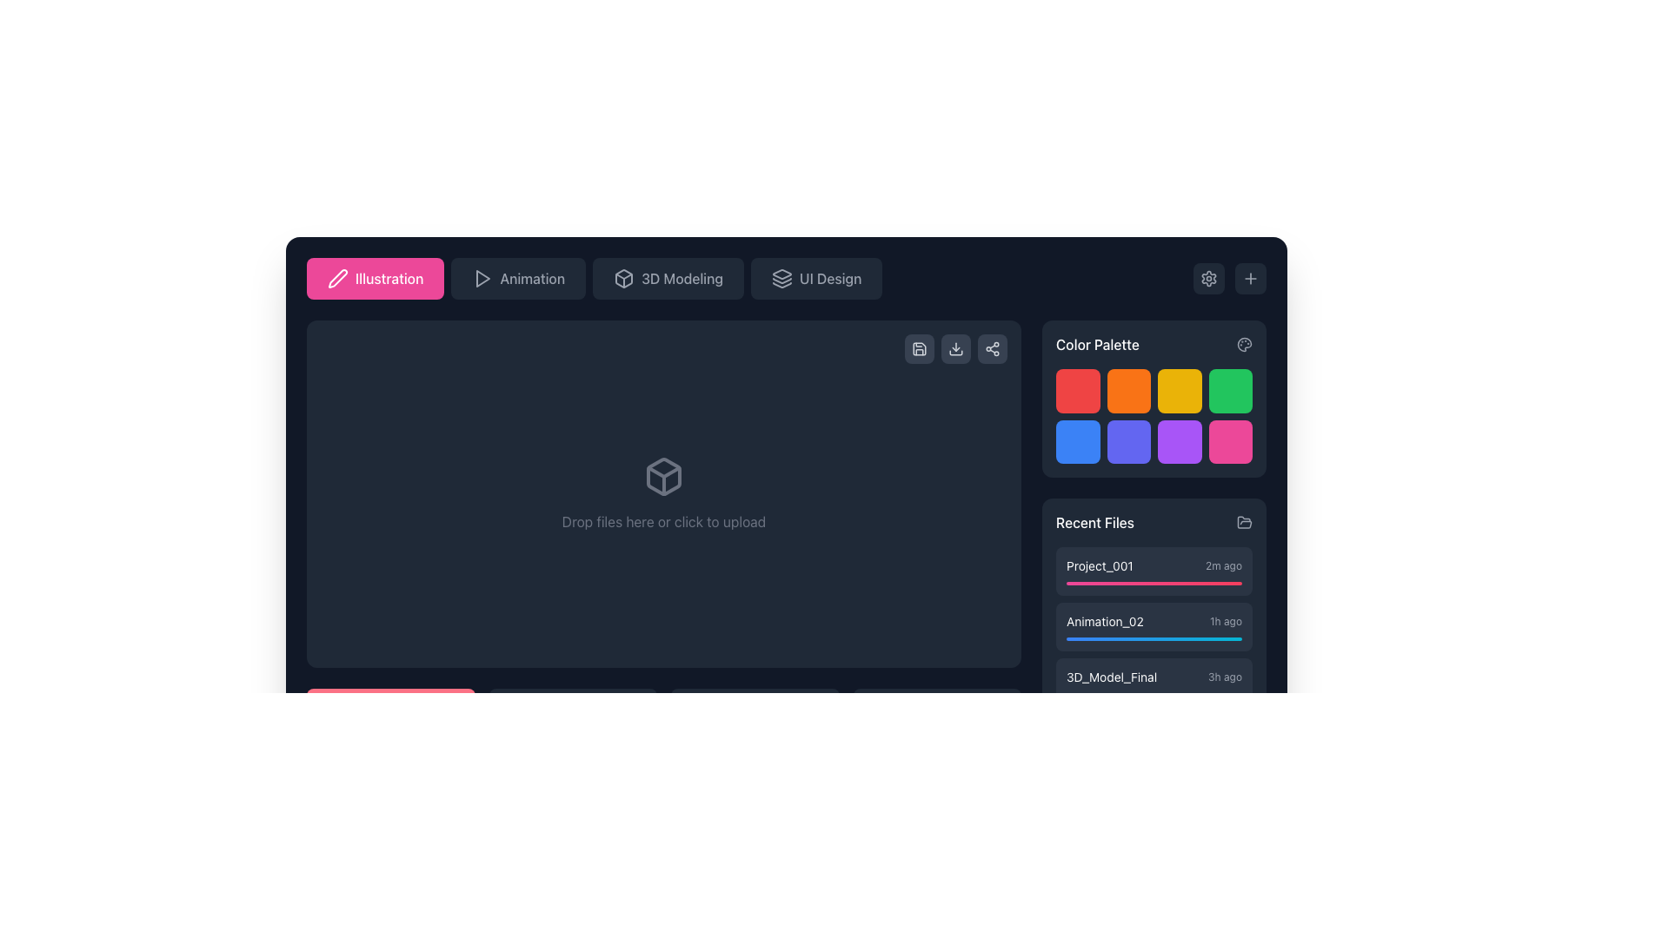 The height and width of the screenshot is (938, 1669). I want to click on the 'Eraser' button, which is the second button in a grid of four, so click(573, 730).